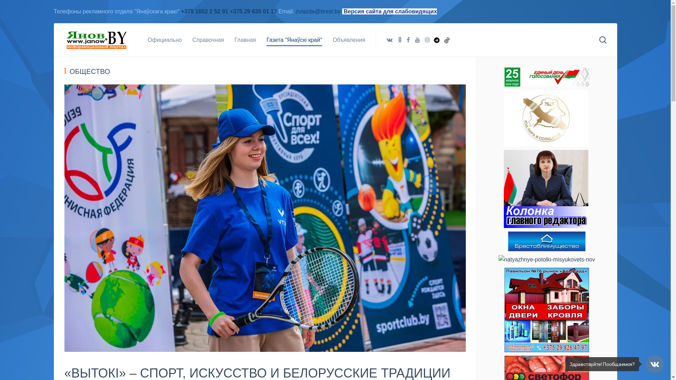 The height and width of the screenshot is (380, 676). What do you see at coordinates (319, 11) in the screenshot?
I see `'zviazda@brest.by'` at bounding box center [319, 11].